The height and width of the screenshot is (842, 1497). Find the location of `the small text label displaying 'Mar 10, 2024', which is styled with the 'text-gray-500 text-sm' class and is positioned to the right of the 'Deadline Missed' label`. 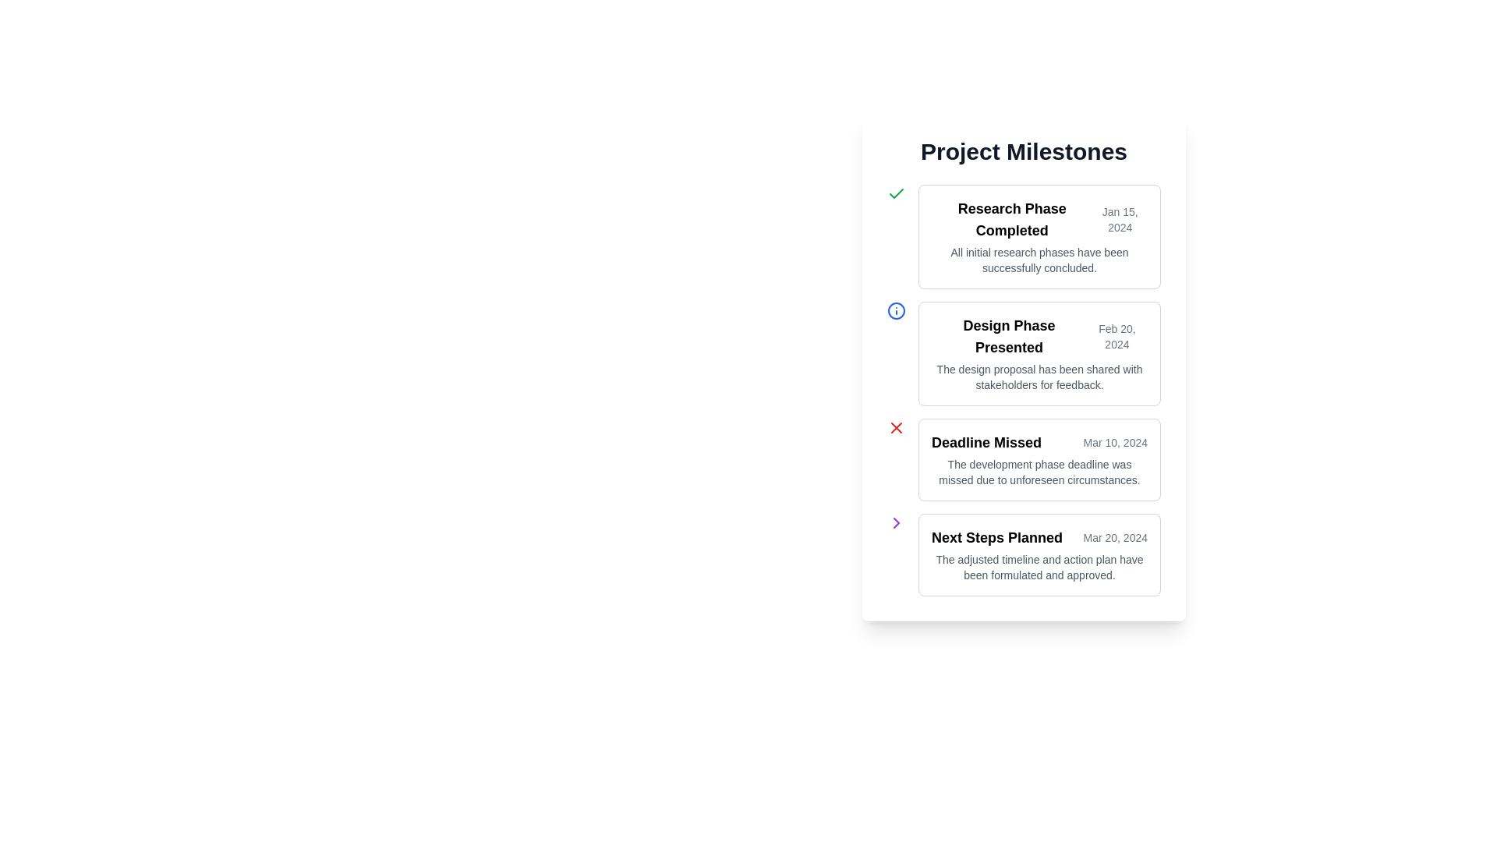

the small text label displaying 'Mar 10, 2024', which is styled with the 'text-gray-500 text-sm' class and is positioned to the right of the 'Deadline Missed' label is located at coordinates (1114, 442).